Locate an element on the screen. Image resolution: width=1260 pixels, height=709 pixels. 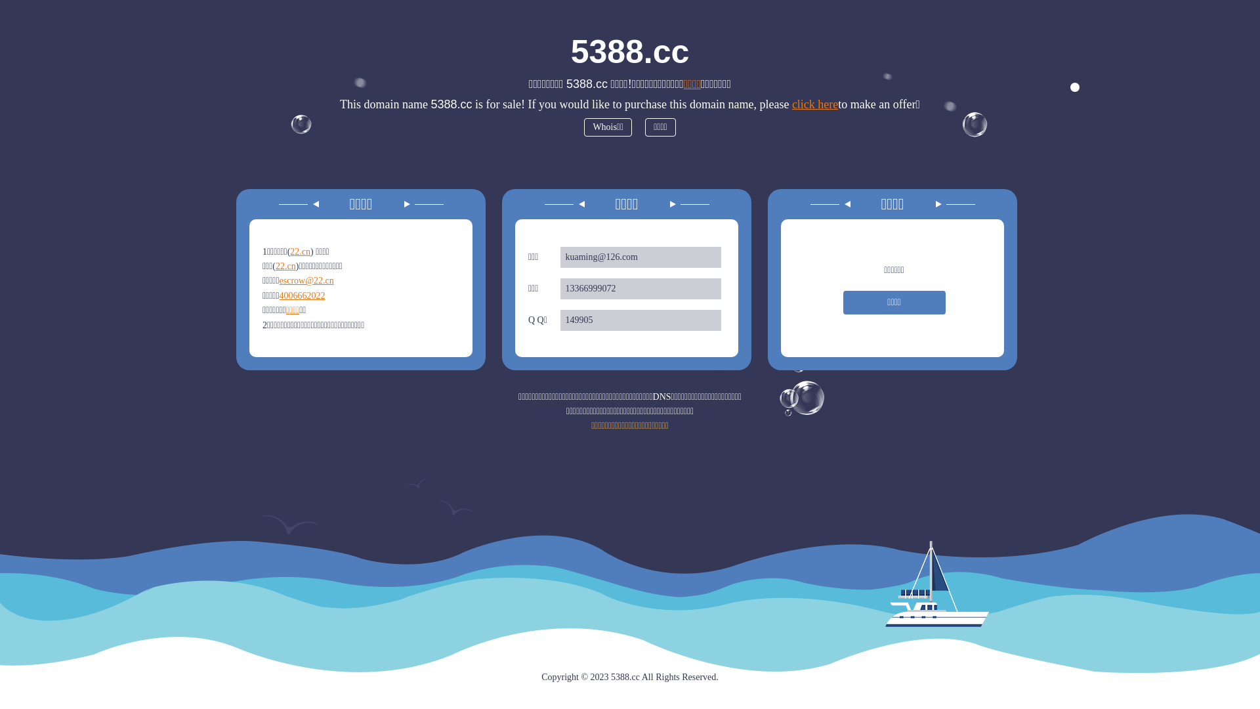
'22.cn' is located at coordinates (275, 266).